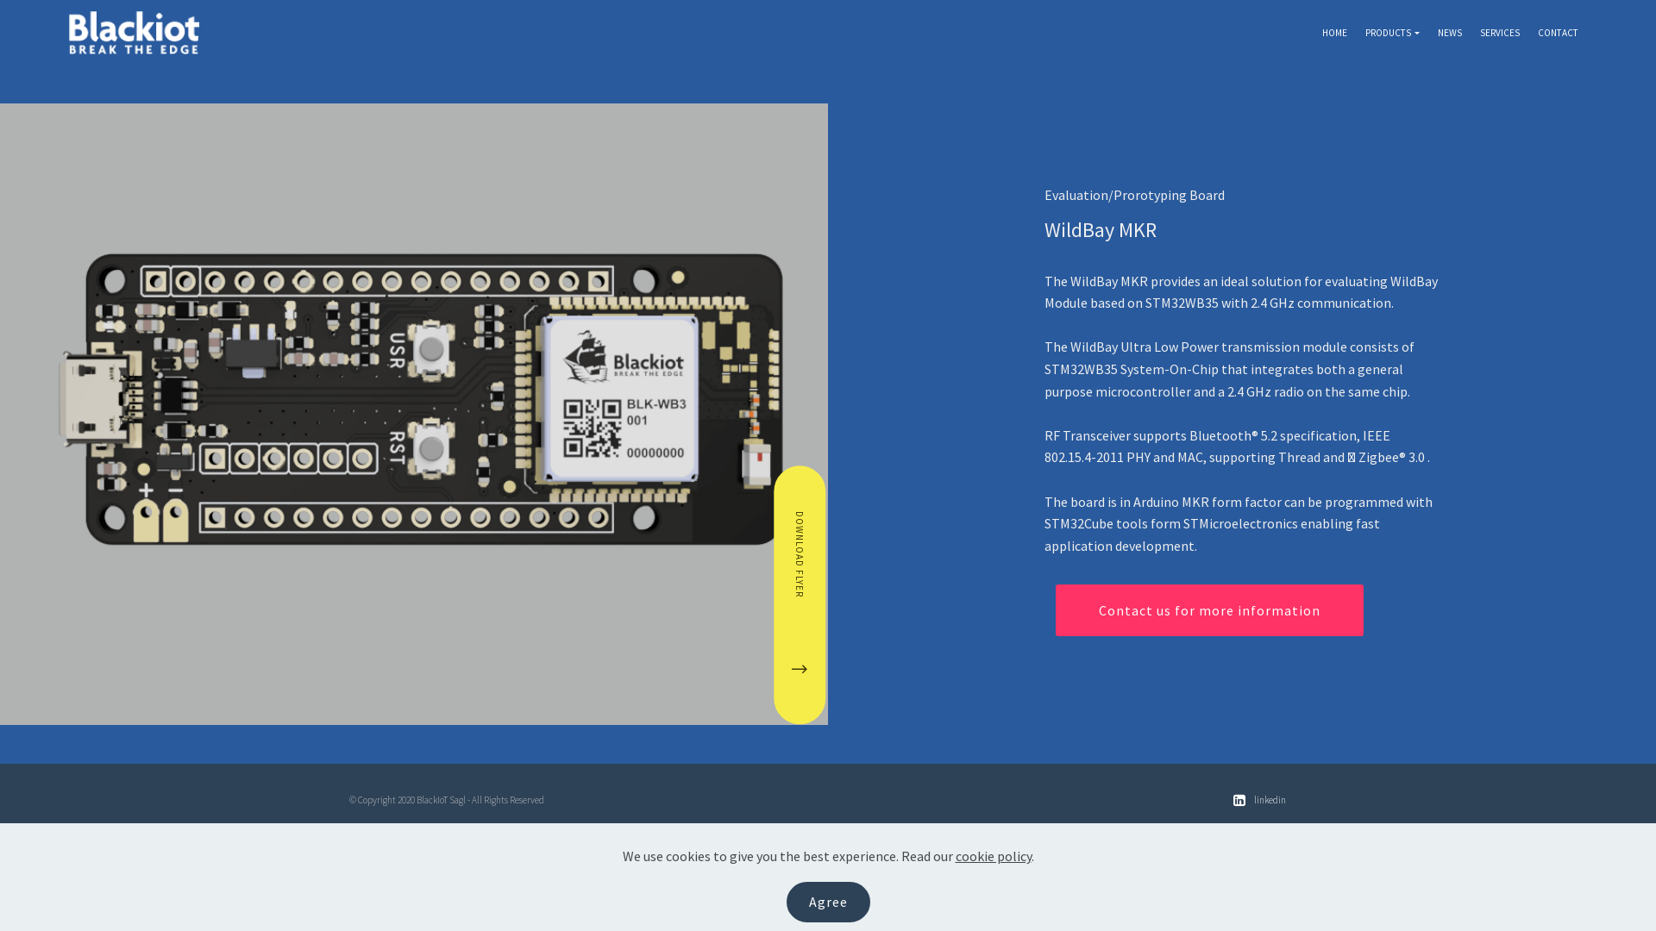 The width and height of the screenshot is (1656, 931). I want to click on 'Contact us for more information', so click(1208, 609).